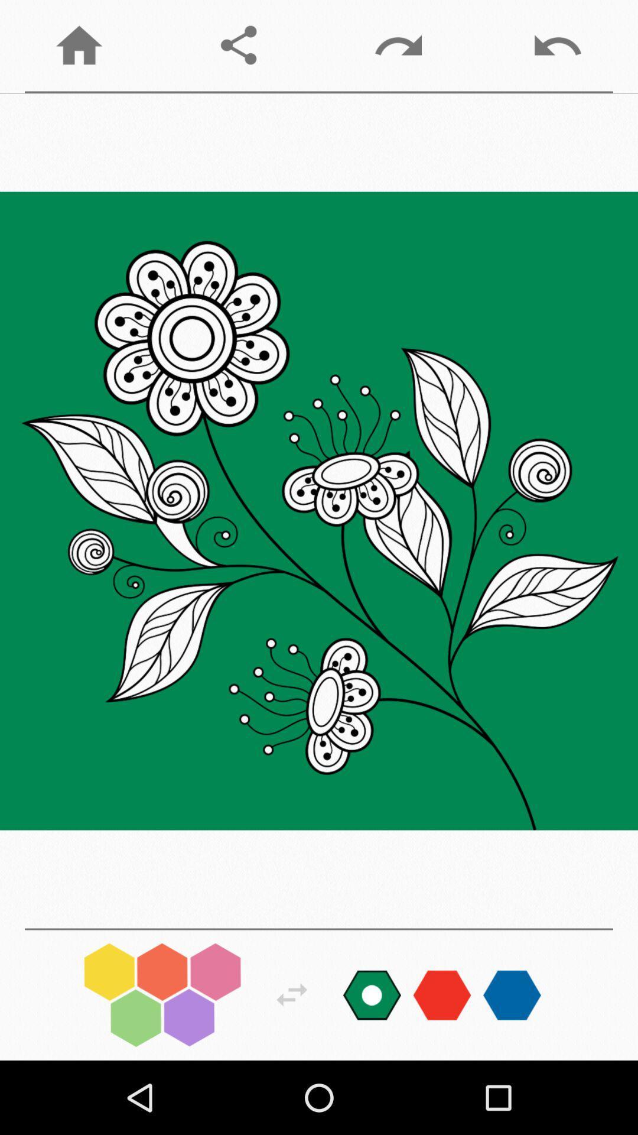 Image resolution: width=638 pixels, height=1135 pixels. Describe the element at coordinates (512, 994) in the screenshot. I see `the star icon` at that location.